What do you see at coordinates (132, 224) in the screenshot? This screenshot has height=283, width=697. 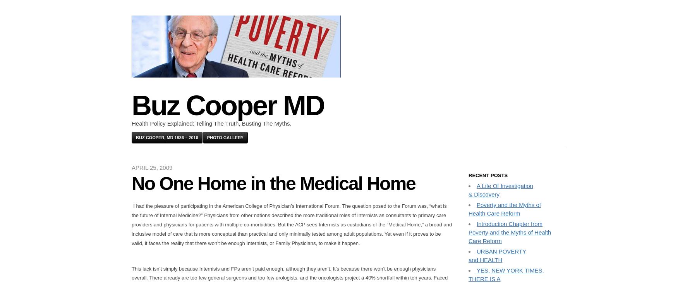 I see `'I had the pleasure of participating in the American College of Physician’s International Forum. The question posed to the Forum was, “what is the future of Internal Medicine?” Physicians from other nations described the more traditional roles of Internists as consultants to primary care providers and physicians for patients with multiple co-morbidities. But the ACP sees Internists as custodians of the “Medical Home,” a broad and inclusive model of care that is more conceptual than practical and only minimally tested among adult populations. Yet even if it proves to be valid, it faces the reality that there won’t be enough Internists, or Family Physicians, to make it happen.'` at bounding box center [132, 224].